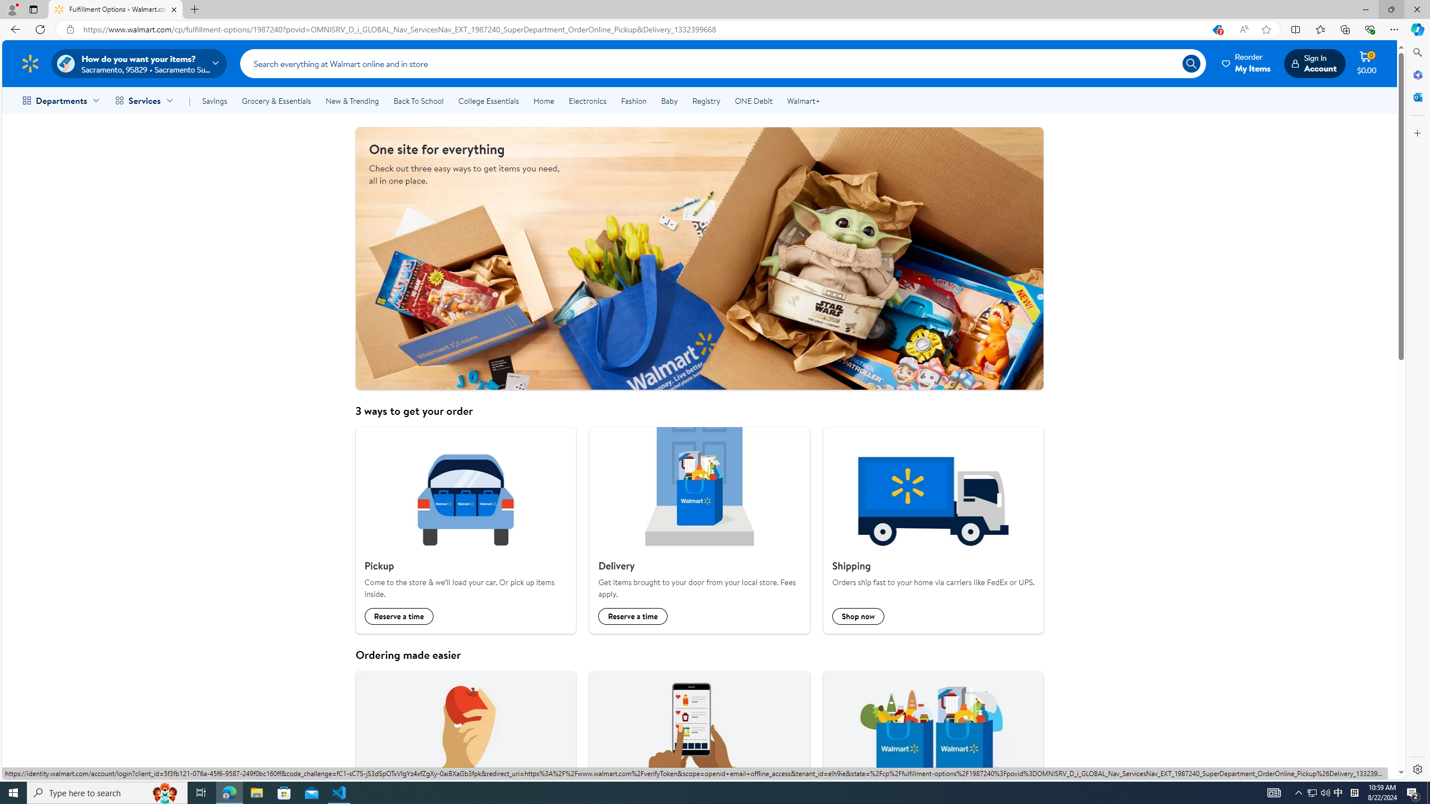 The height and width of the screenshot is (804, 1430). Describe the element at coordinates (706, 100) in the screenshot. I see `'Registry'` at that location.